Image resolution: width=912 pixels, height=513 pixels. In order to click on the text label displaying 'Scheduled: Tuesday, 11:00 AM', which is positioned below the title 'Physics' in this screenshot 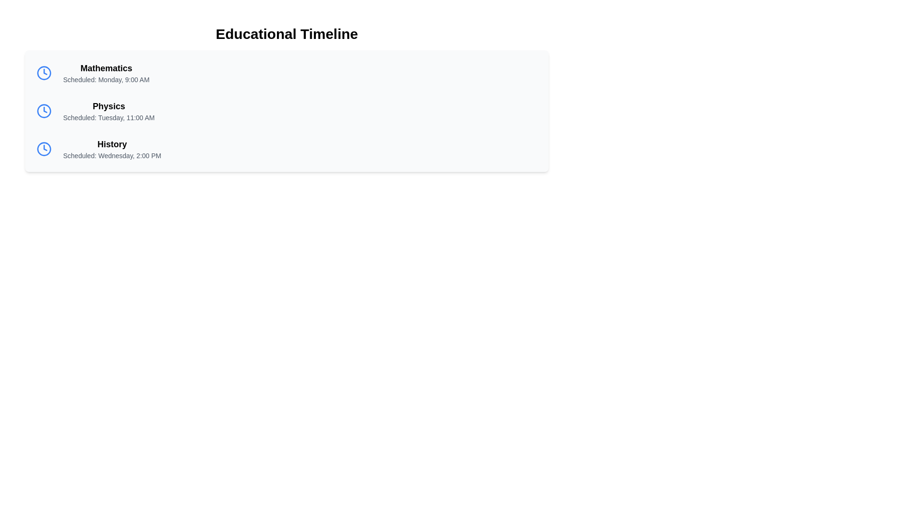, I will do `click(109, 117)`.